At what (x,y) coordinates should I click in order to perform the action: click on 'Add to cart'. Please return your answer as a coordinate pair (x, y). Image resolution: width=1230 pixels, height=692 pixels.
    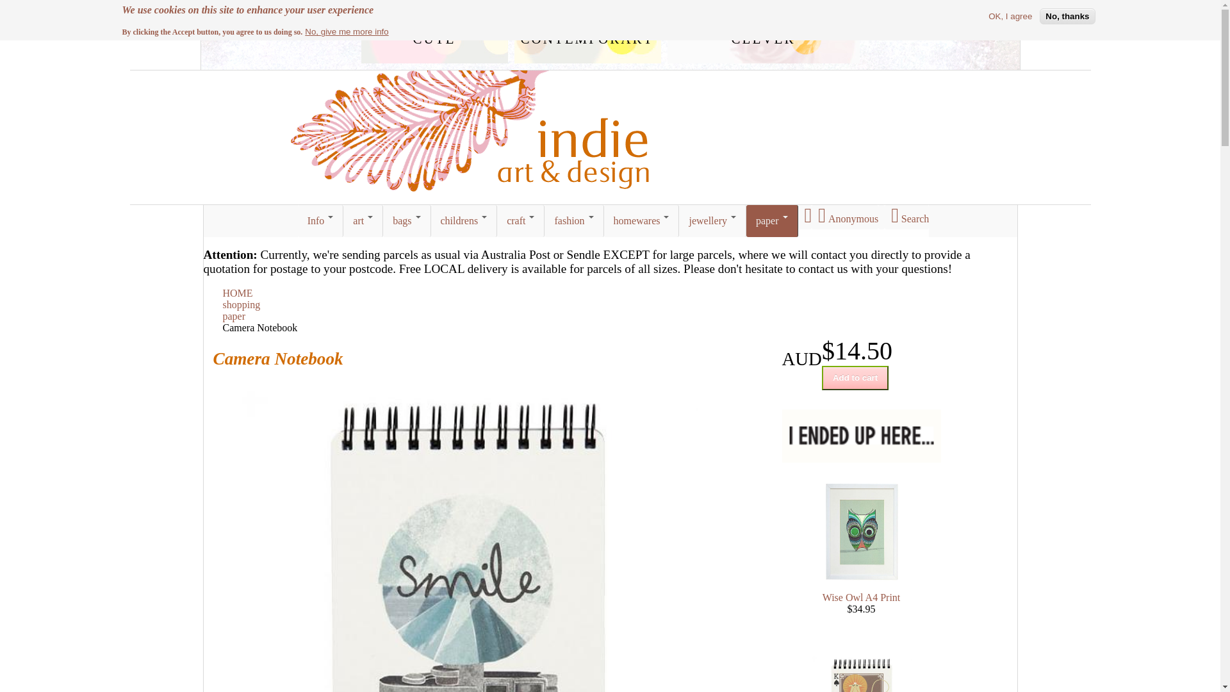
    Looking at the image, I should click on (821, 377).